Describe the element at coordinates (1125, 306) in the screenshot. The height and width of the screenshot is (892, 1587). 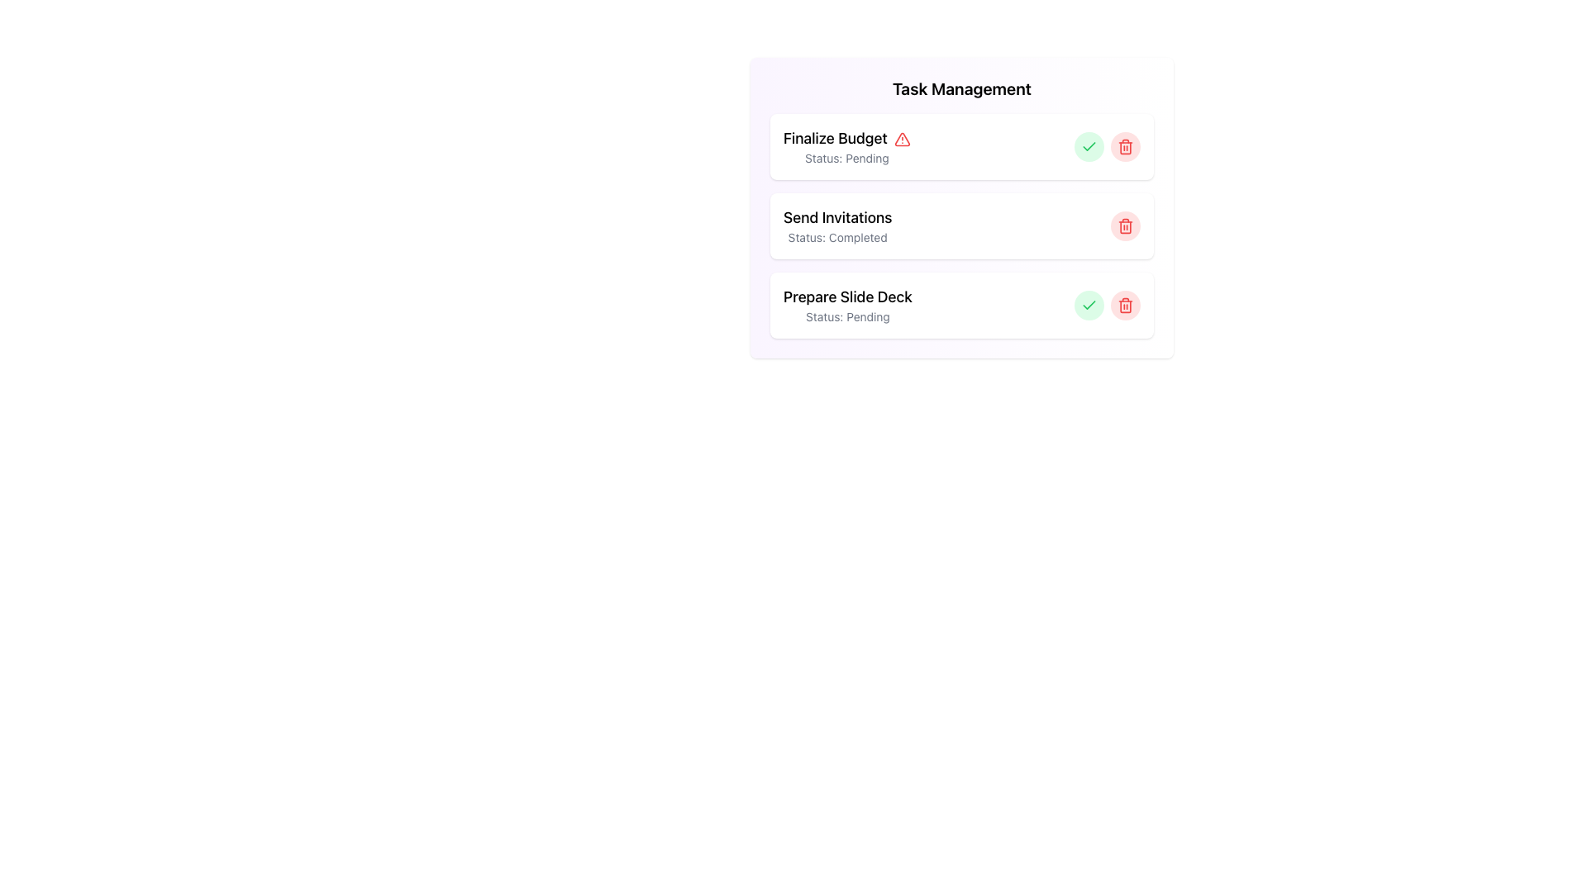
I see `the circular red trash bin button` at that location.